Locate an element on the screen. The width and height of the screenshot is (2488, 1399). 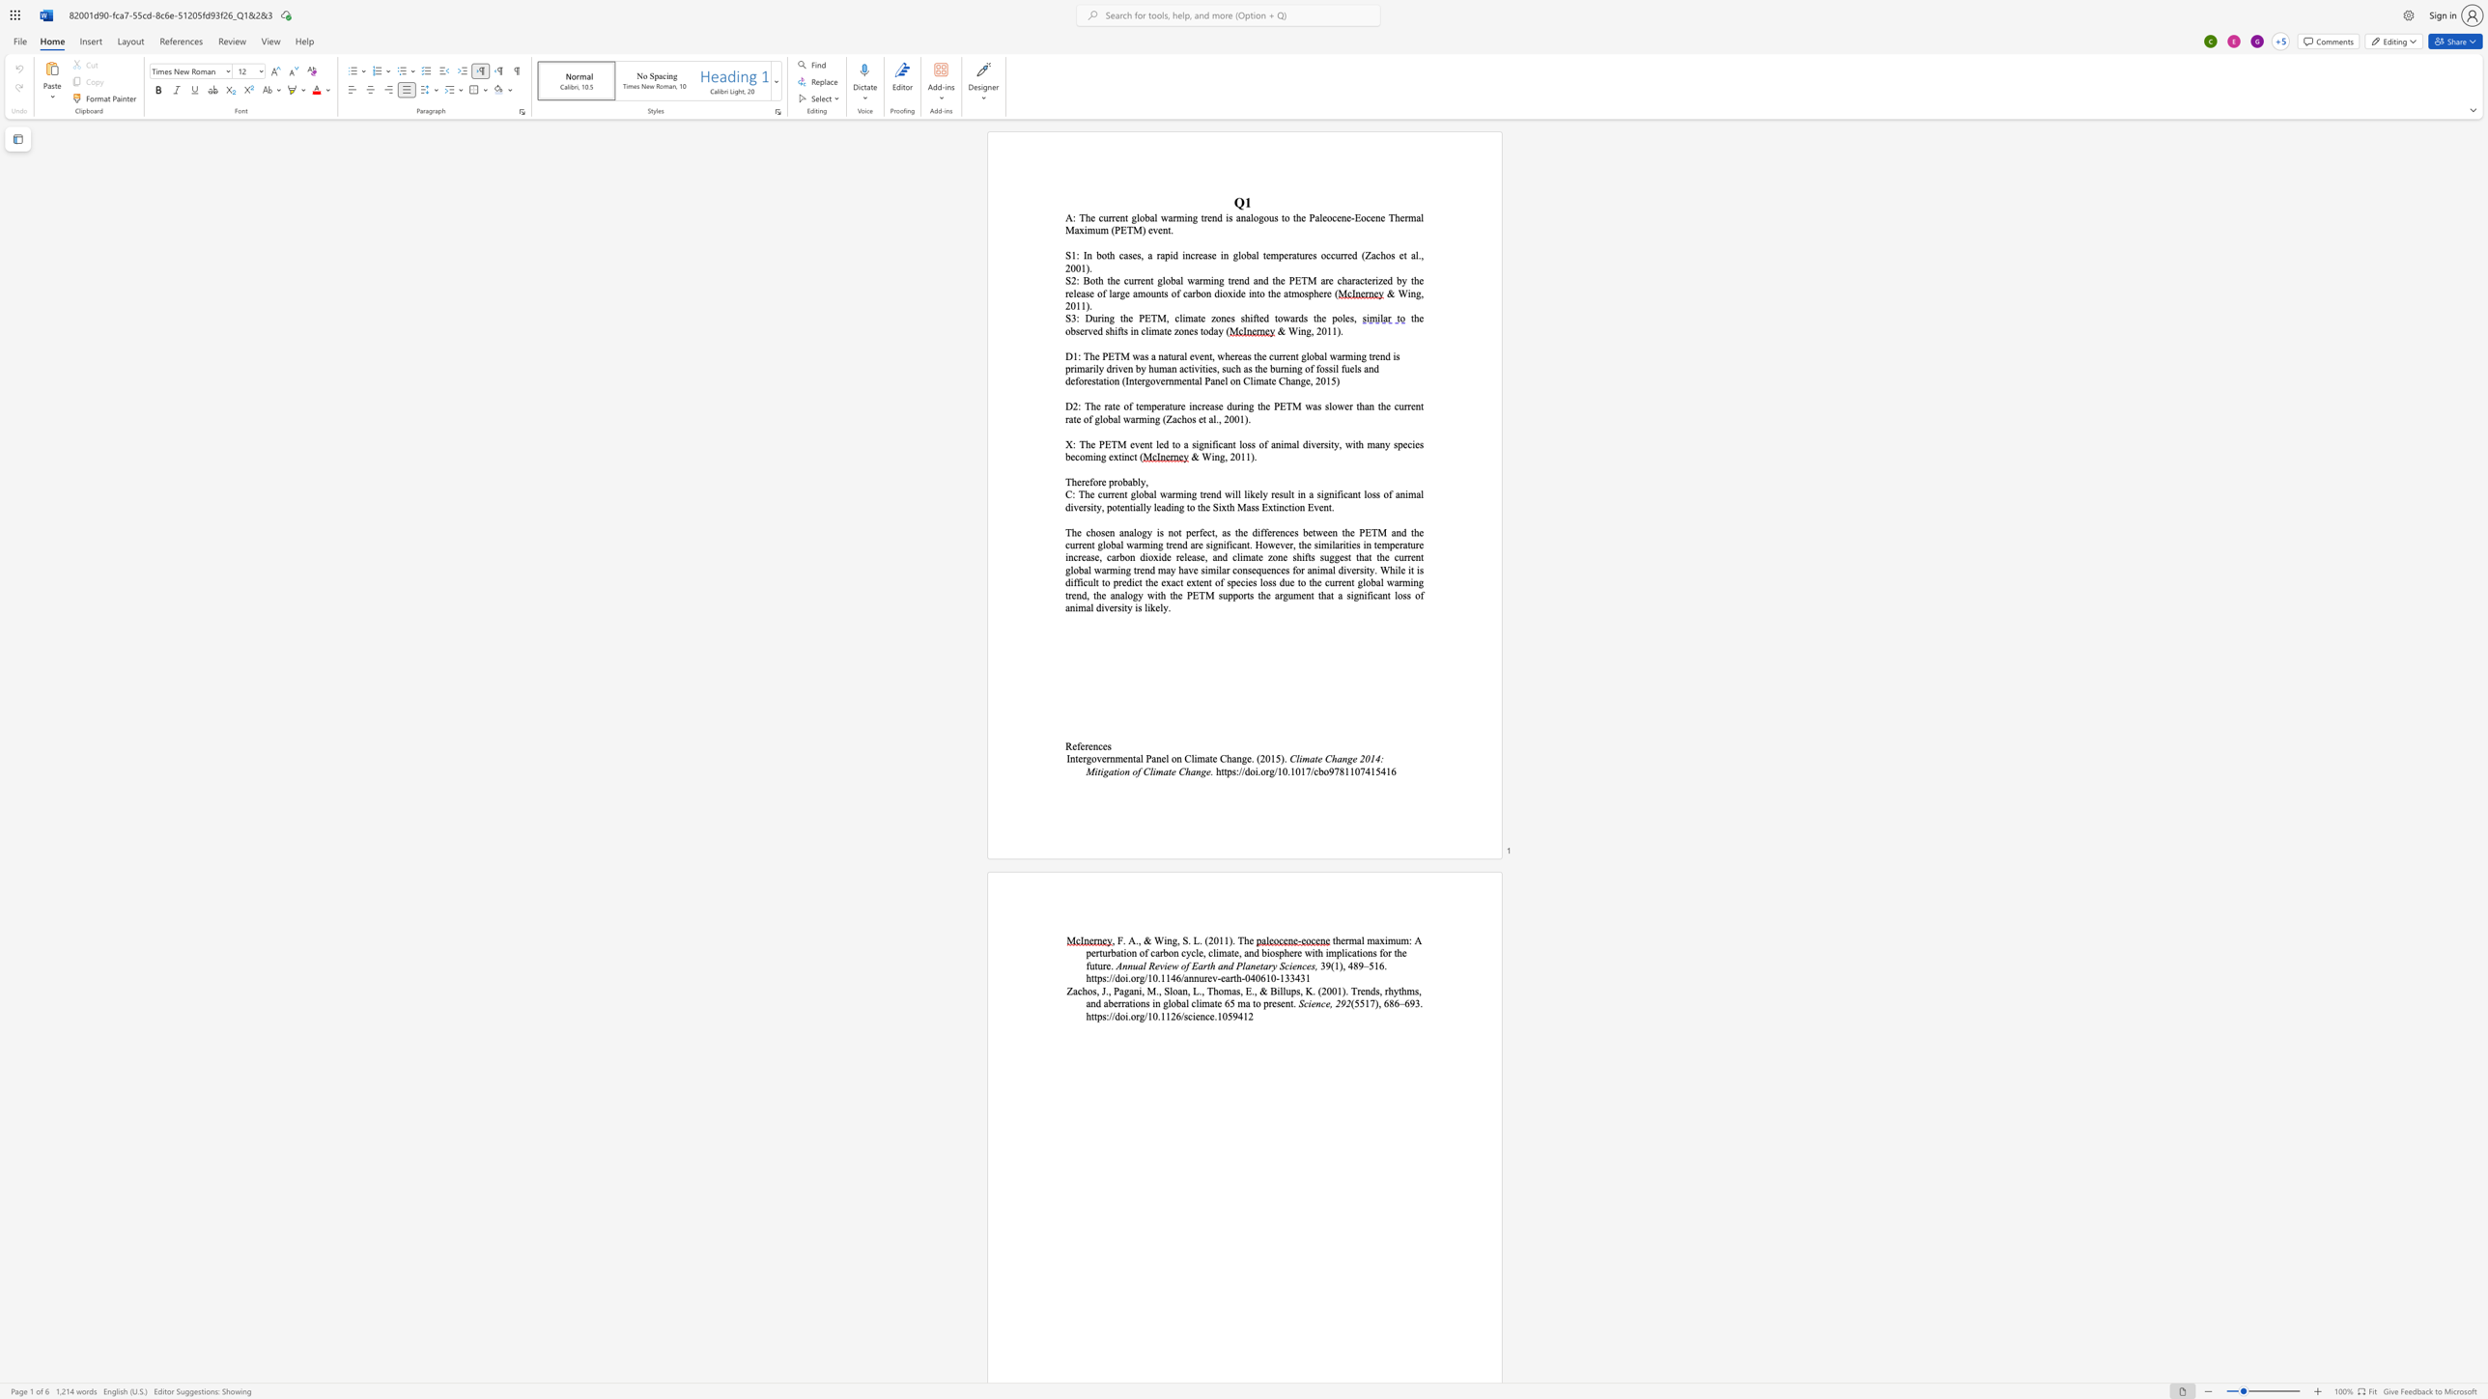
the 2th character "t" in the text is located at coordinates (1199, 317).